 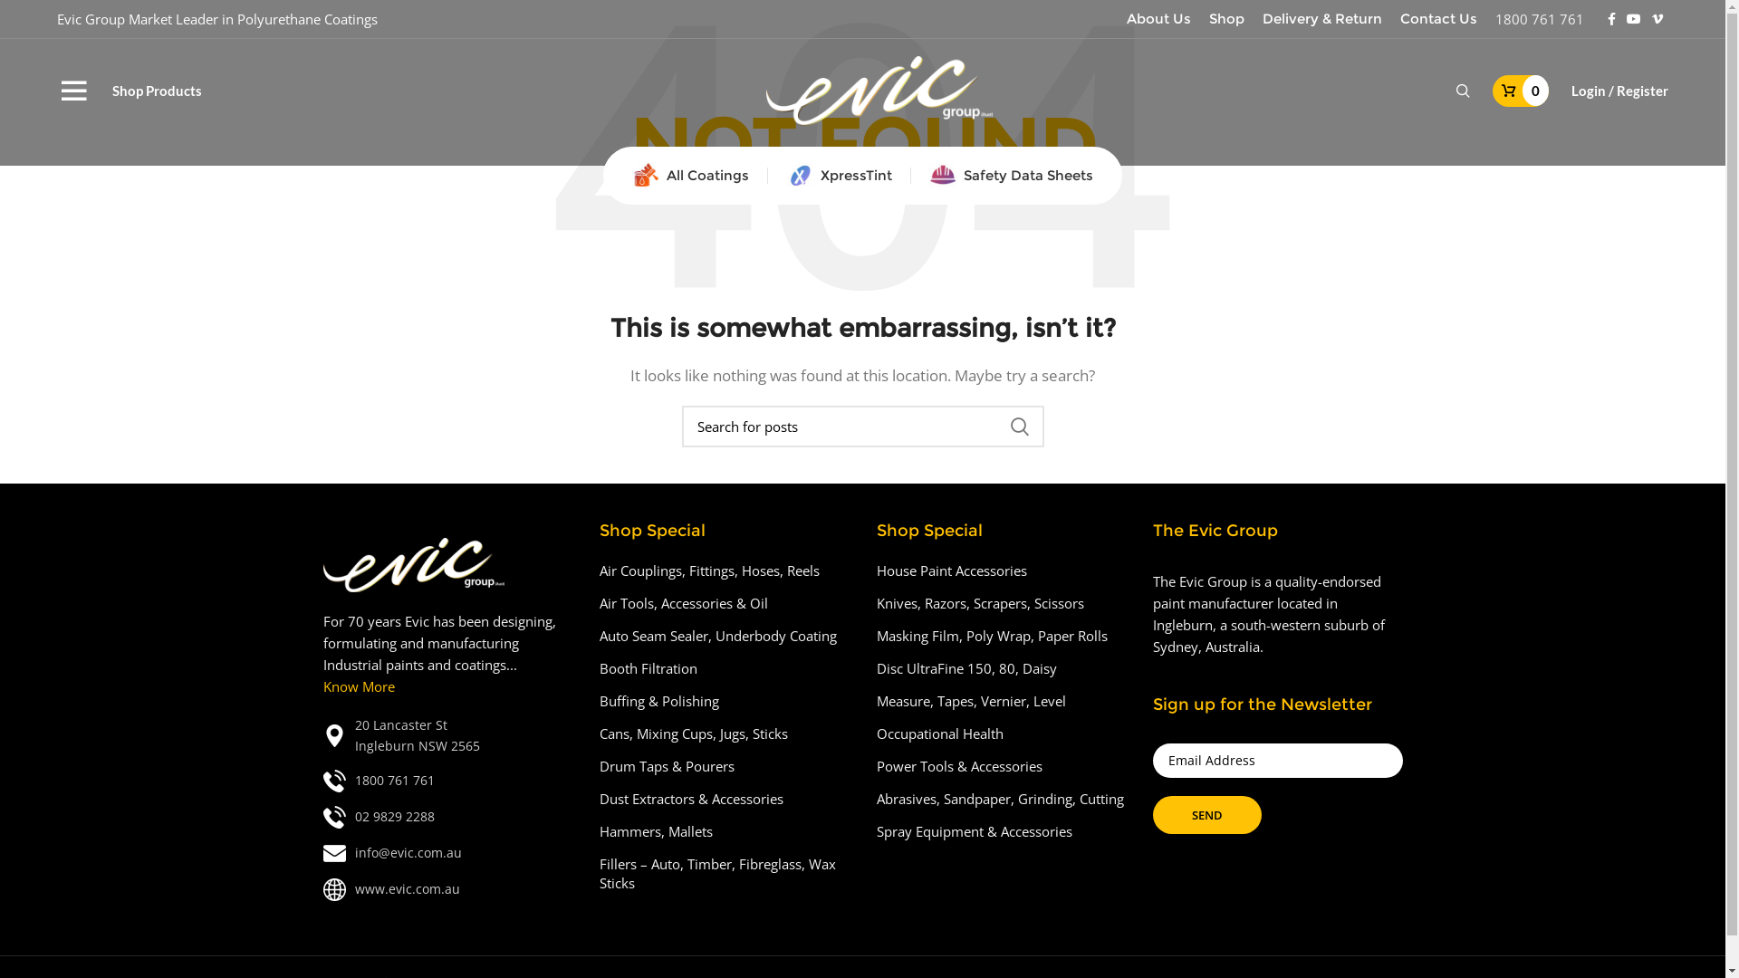 I want to click on 'Masking Film, Poly Wrap, Paper Rolls', so click(x=992, y=635).